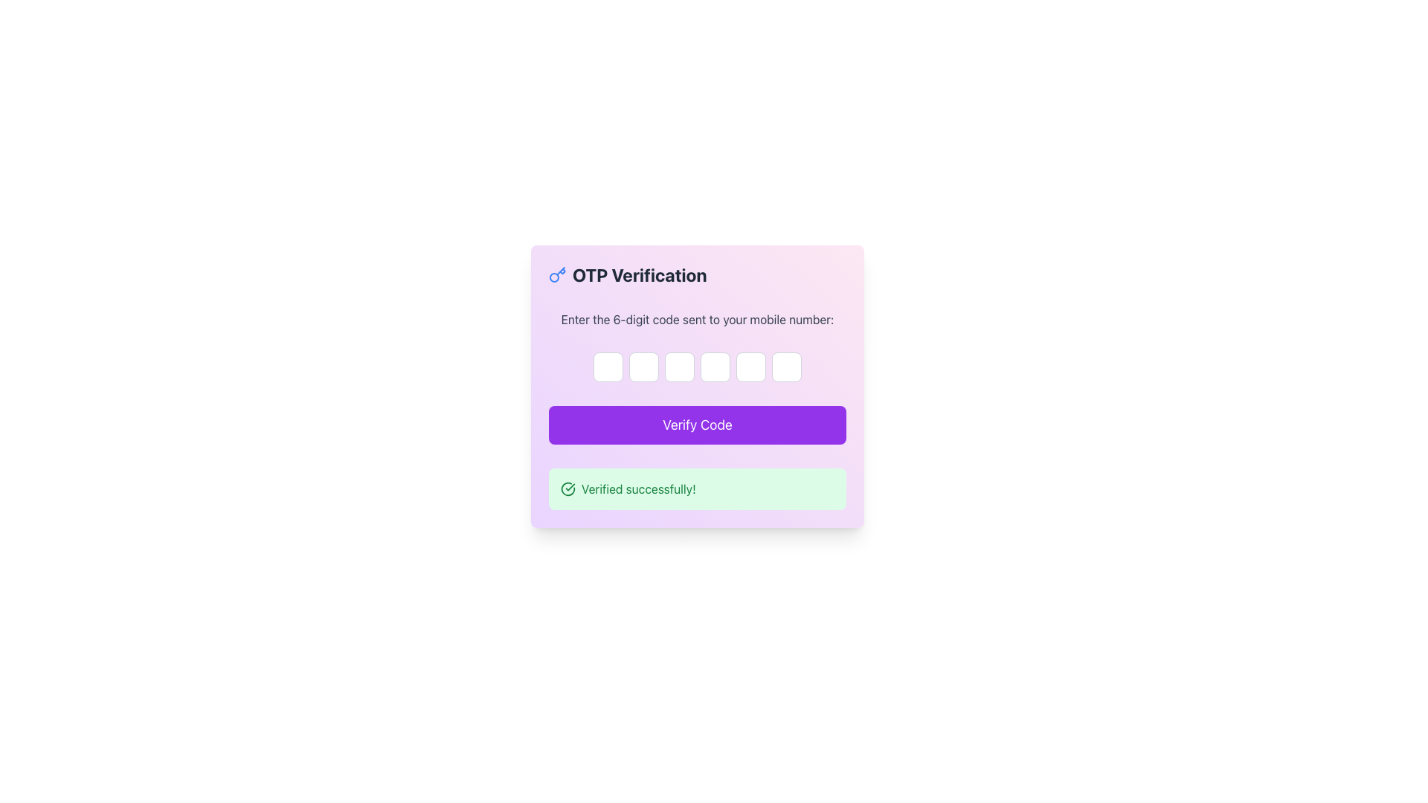 The height and width of the screenshot is (803, 1428). I want to click on the static text label that displays 'Enter the 6-digit code sent to your mobile number:' which is part of the OTP Verification section, so click(696, 318).